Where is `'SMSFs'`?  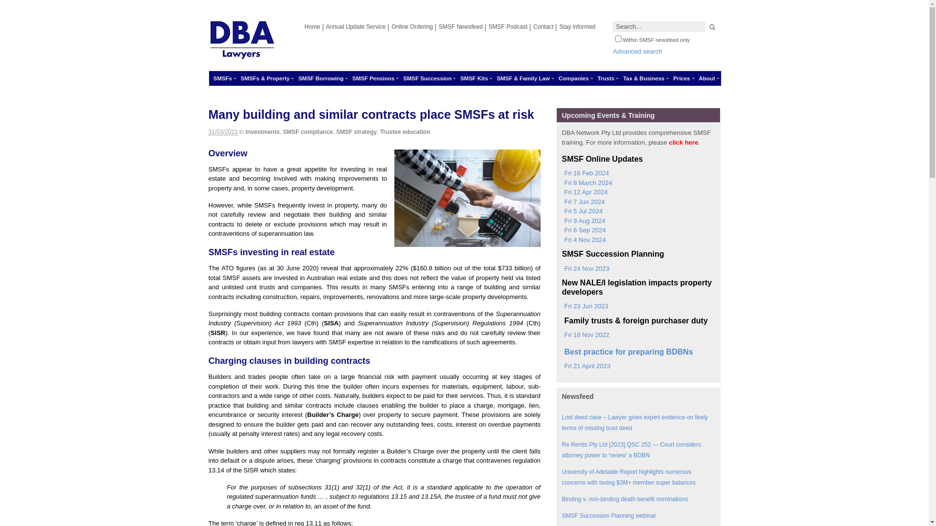
'SMSFs' is located at coordinates (208, 78).